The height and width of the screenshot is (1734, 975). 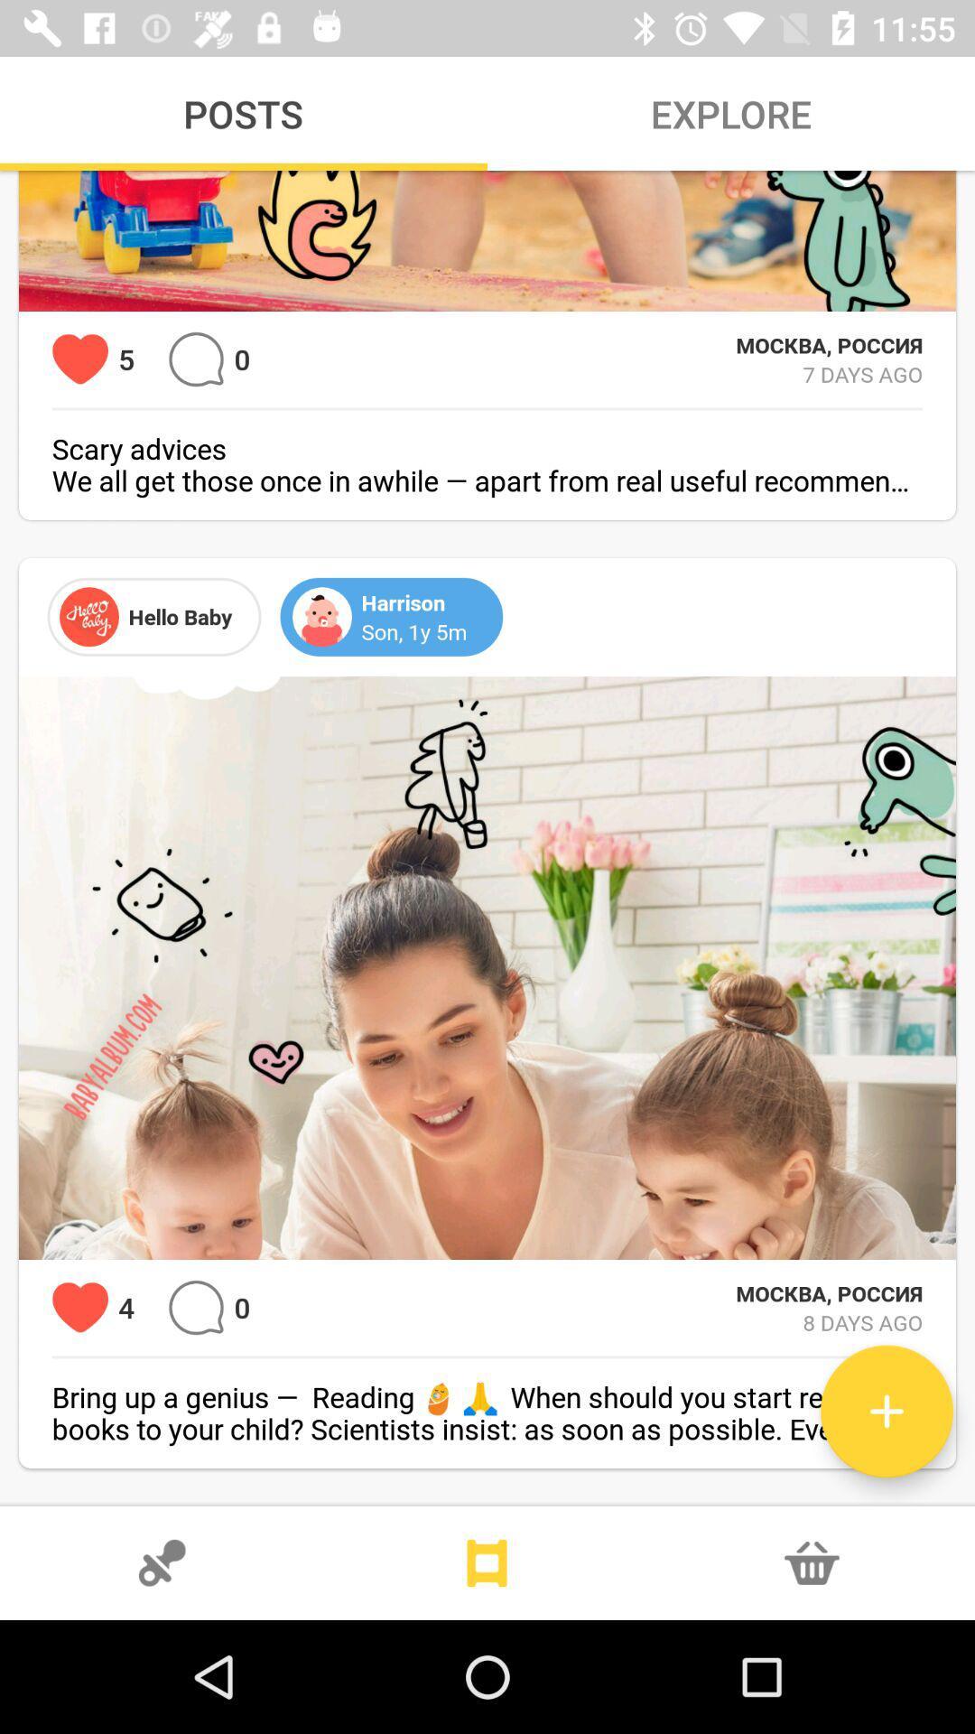 What do you see at coordinates (487, 1562) in the screenshot?
I see `menu` at bounding box center [487, 1562].